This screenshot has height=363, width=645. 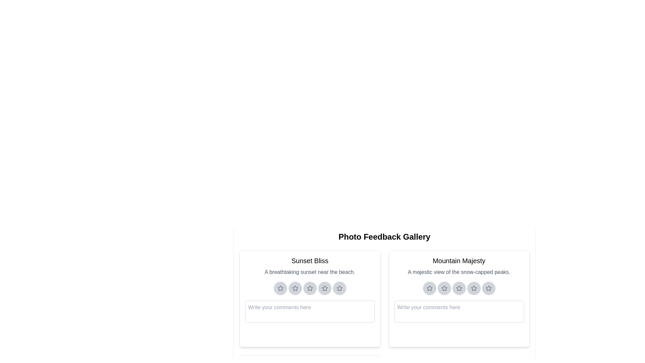 I want to click on the first star icon in the horizontal group of rating icons under the 'Sunset Bliss' photo description, so click(x=280, y=288).